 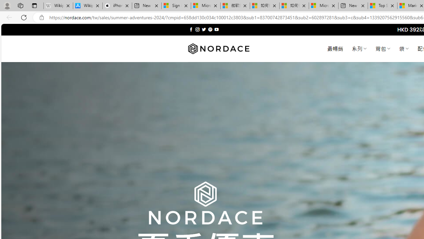 What do you see at coordinates (218, 48) in the screenshot?
I see `'Nordace'` at bounding box center [218, 48].